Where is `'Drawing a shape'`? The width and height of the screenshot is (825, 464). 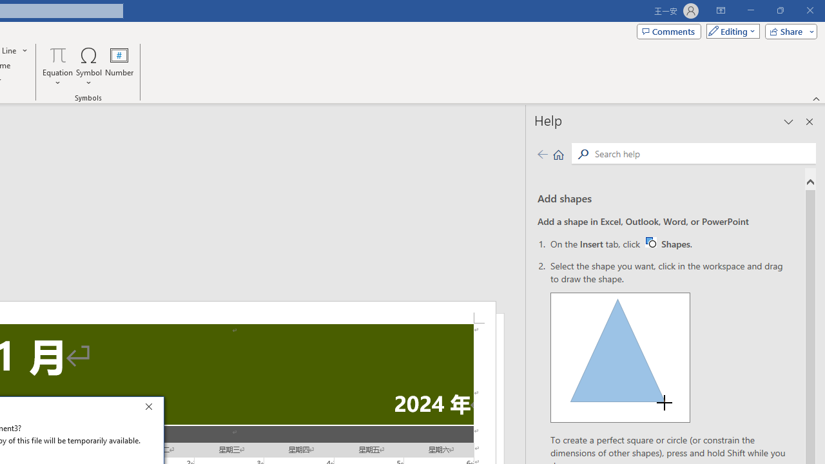 'Drawing a shape' is located at coordinates (620, 358).